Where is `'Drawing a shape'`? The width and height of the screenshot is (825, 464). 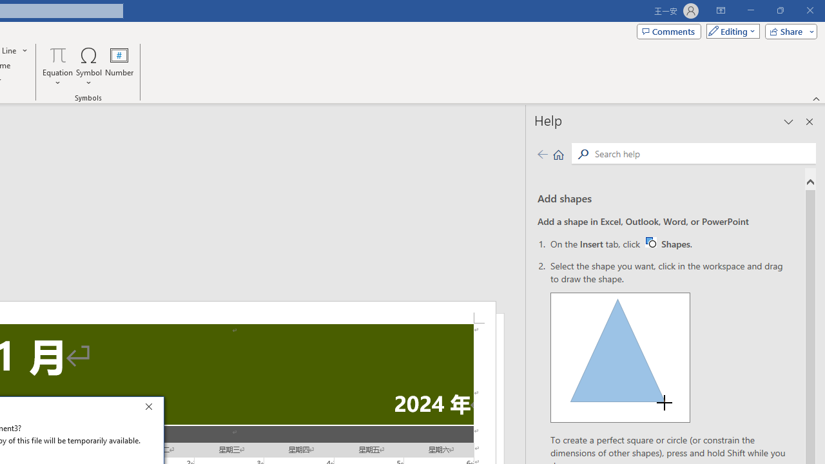 'Drawing a shape' is located at coordinates (620, 358).